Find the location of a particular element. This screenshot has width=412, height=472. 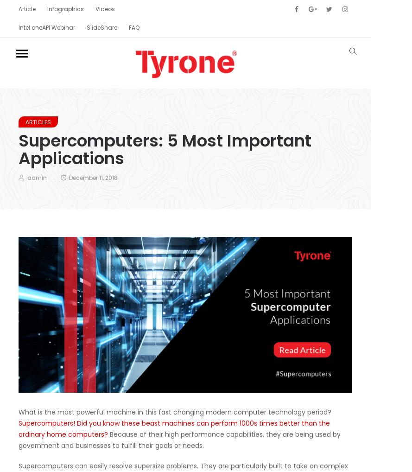

'admin' is located at coordinates (37, 177).